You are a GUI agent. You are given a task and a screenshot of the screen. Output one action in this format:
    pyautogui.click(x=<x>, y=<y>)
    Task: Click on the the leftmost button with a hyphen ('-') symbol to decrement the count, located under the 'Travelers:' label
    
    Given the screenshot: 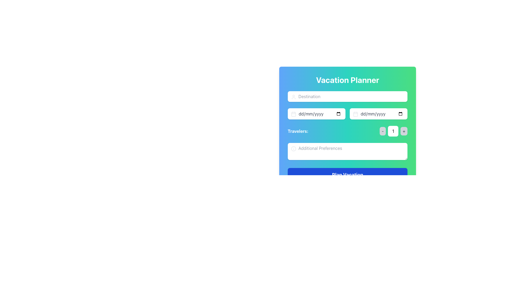 What is the action you would take?
    pyautogui.click(x=382, y=131)
    